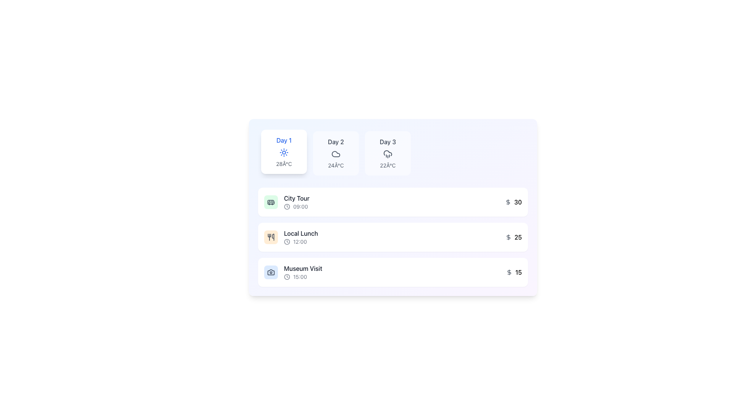 This screenshot has height=412, width=733. I want to click on the cloud icon in a minimalist line art style located in the center of the 'Day 2' card, positioned below the 'Day 2' text and above the temperature reading '24°C', so click(336, 154).